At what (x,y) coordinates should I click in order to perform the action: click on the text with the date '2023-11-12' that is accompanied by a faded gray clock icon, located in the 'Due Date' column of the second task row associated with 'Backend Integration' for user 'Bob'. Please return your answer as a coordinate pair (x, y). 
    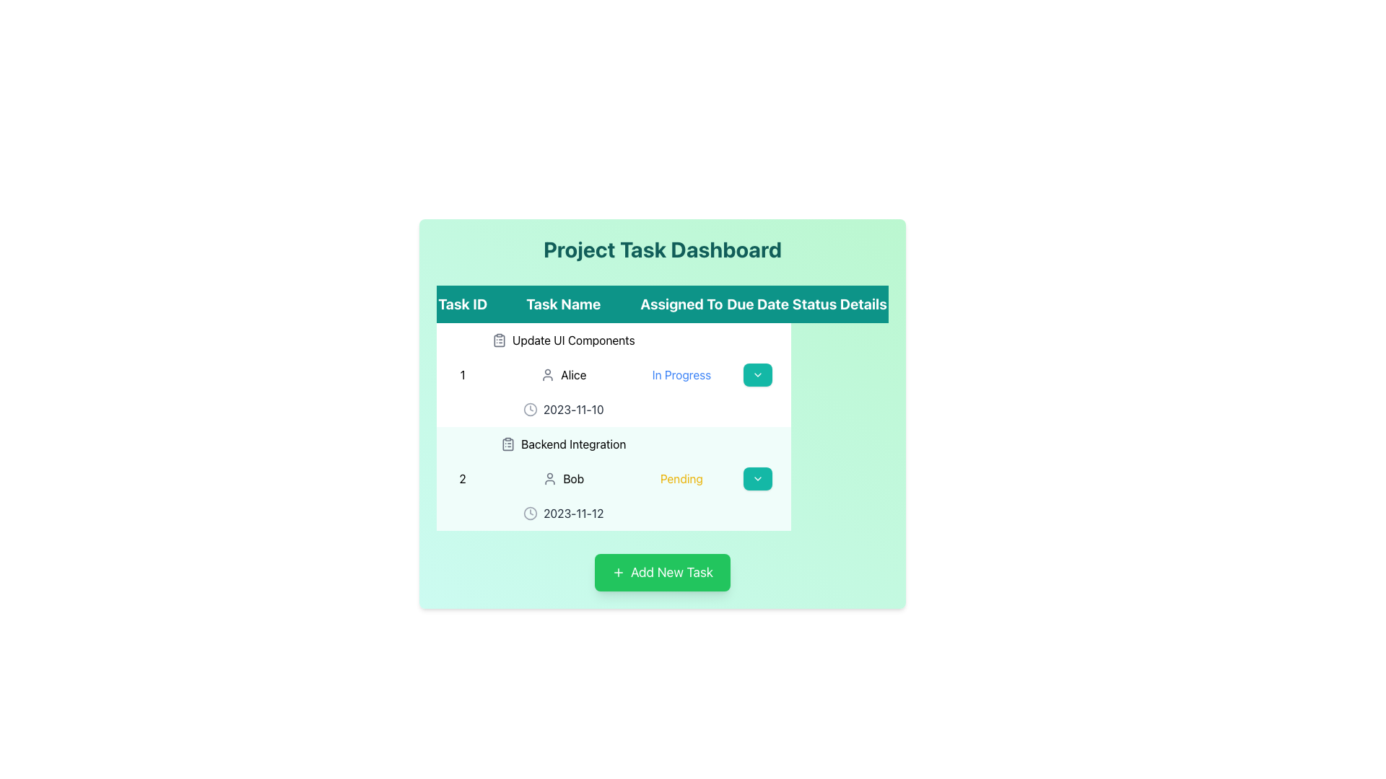
    Looking at the image, I should click on (562, 513).